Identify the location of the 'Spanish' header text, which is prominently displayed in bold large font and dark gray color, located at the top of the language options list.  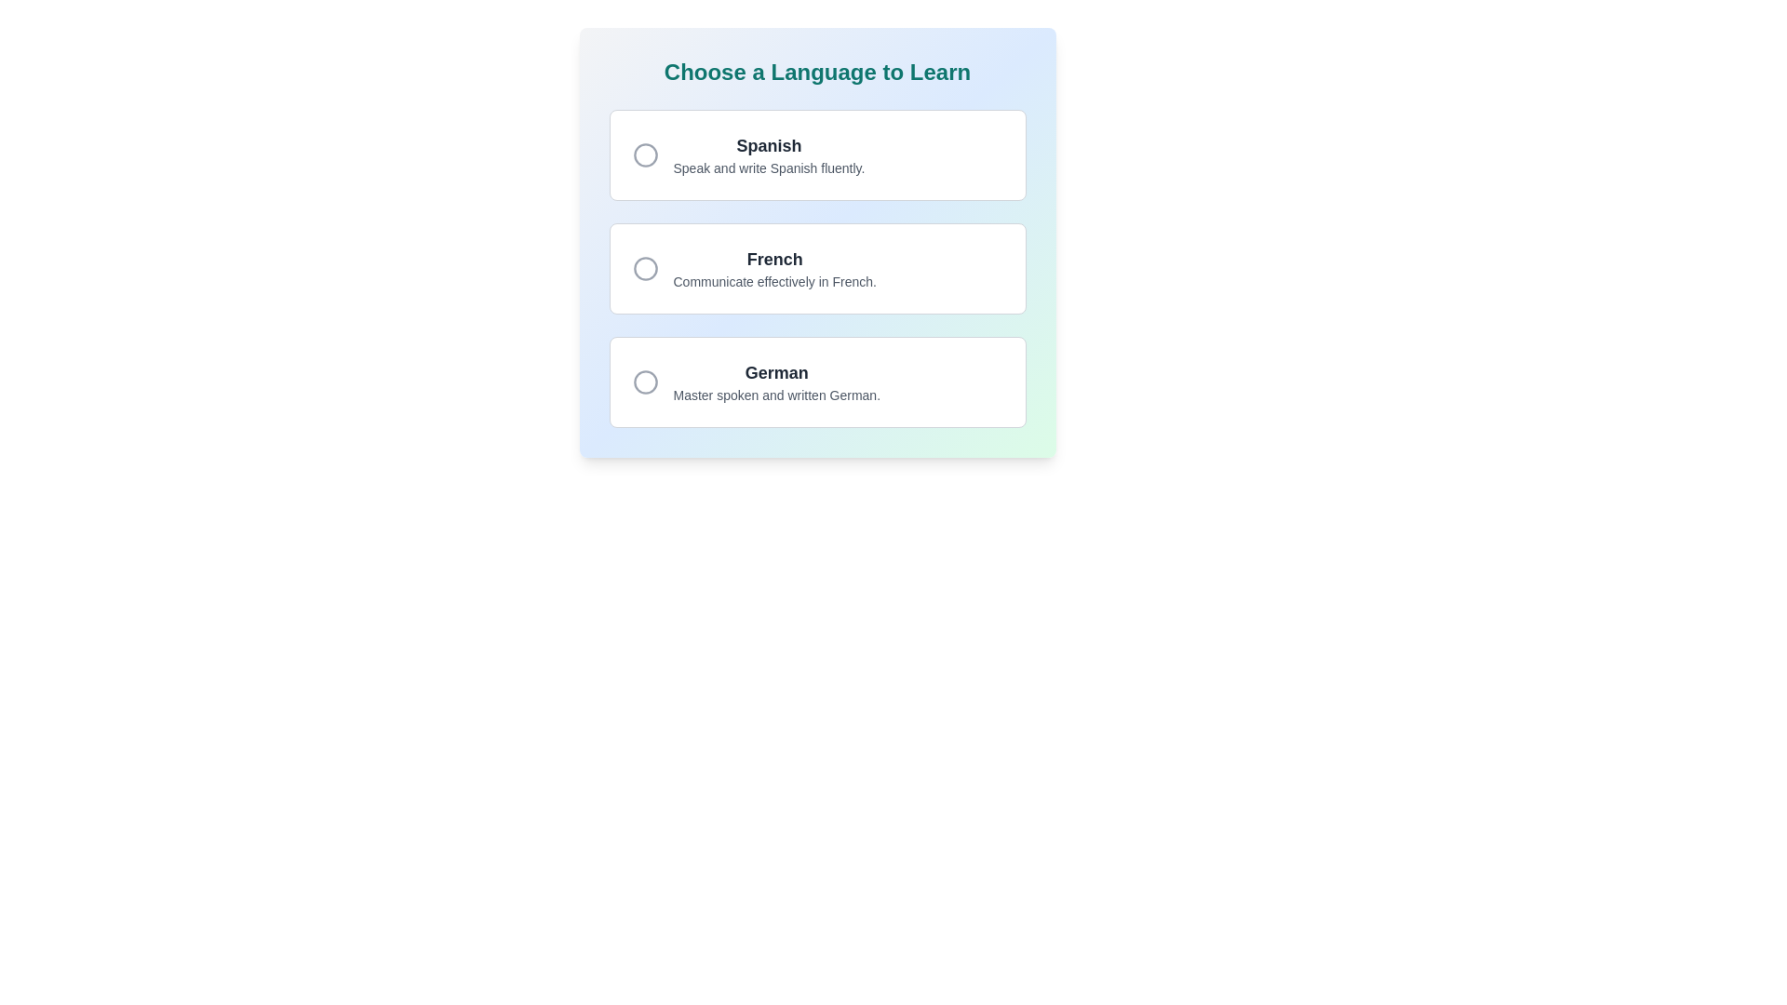
(769, 145).